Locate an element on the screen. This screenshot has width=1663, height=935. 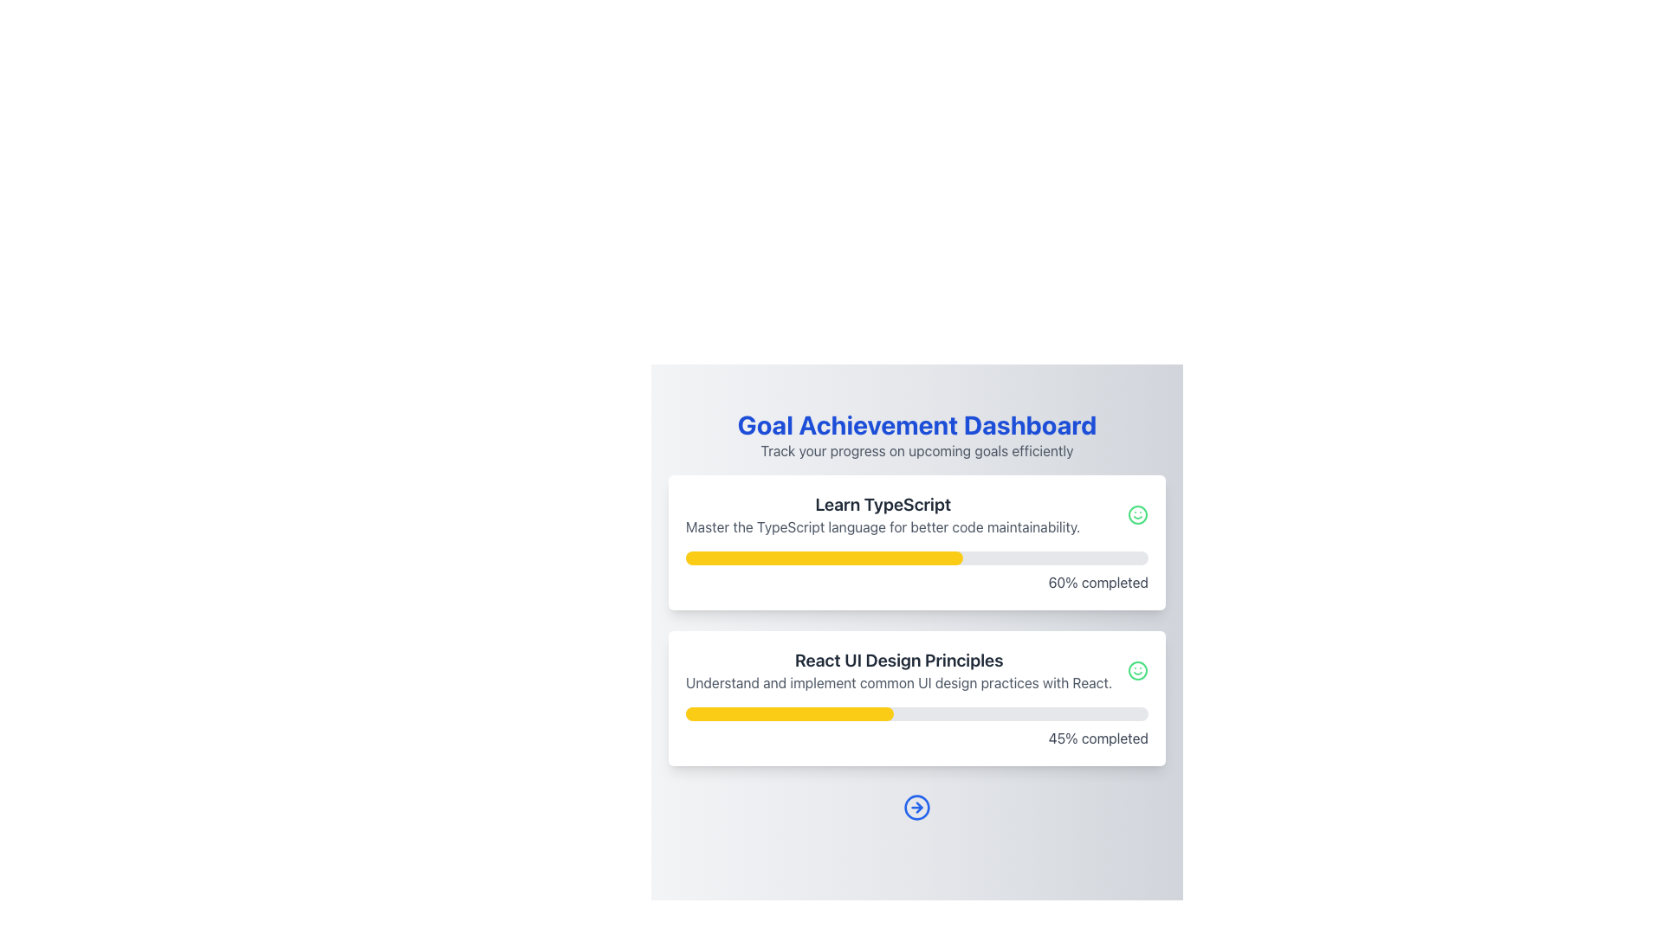
the decorative circular arrow button located at the bottom-center of the view, beneath two horizontal progress cards is located at coordinates (918, 808).